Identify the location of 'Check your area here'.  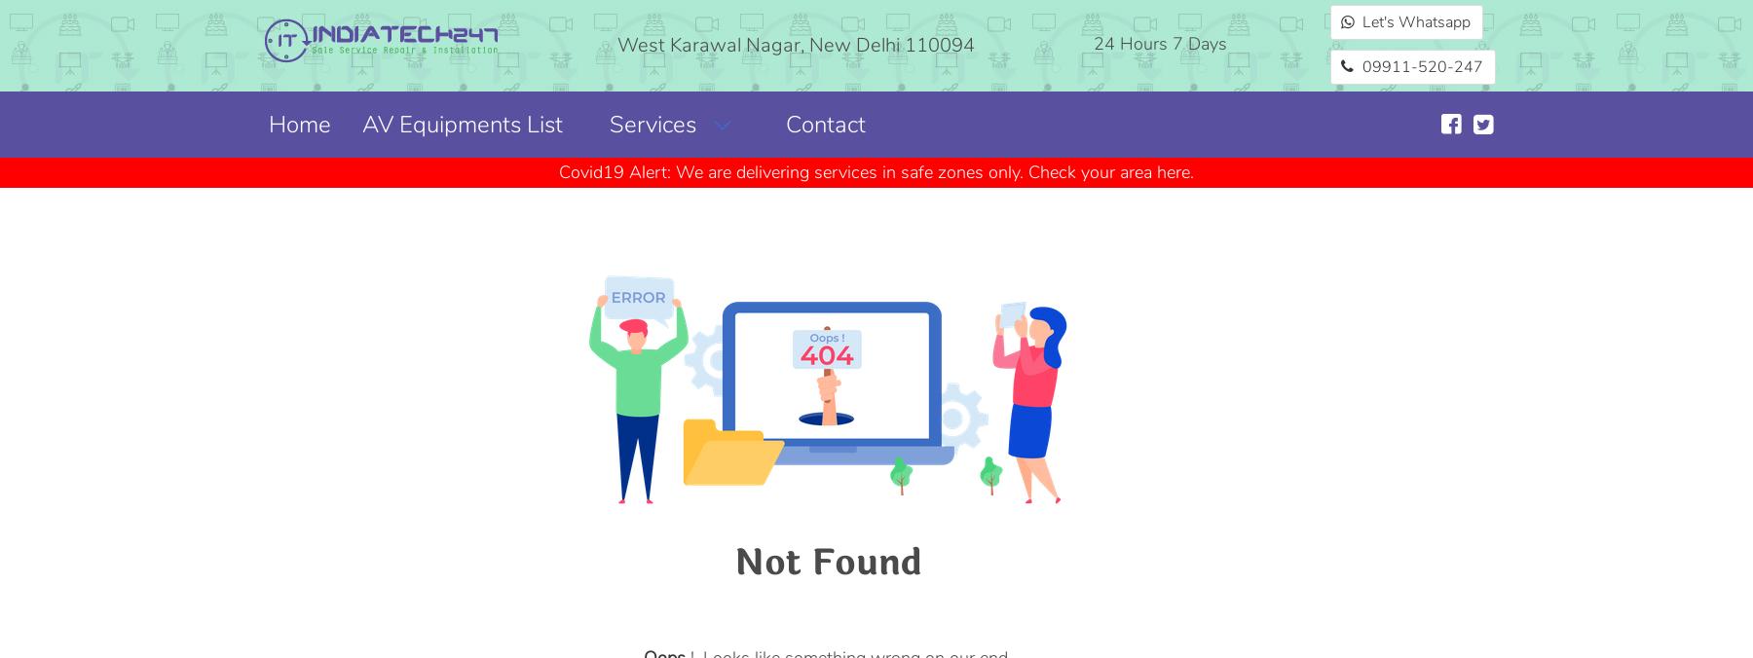
(1028, 170).